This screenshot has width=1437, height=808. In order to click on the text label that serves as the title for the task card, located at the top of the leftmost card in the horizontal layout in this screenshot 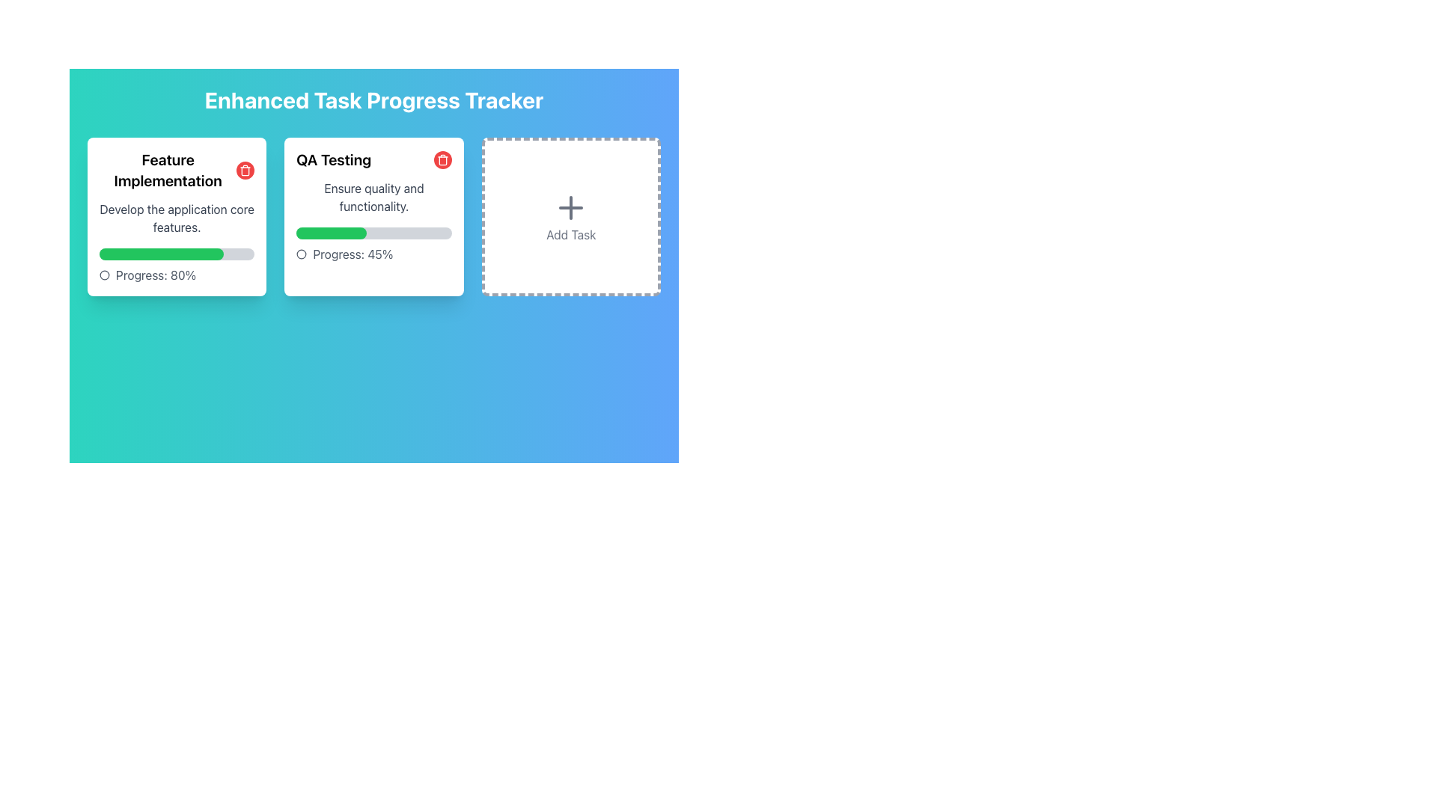, I will do `click(168, 169)`.